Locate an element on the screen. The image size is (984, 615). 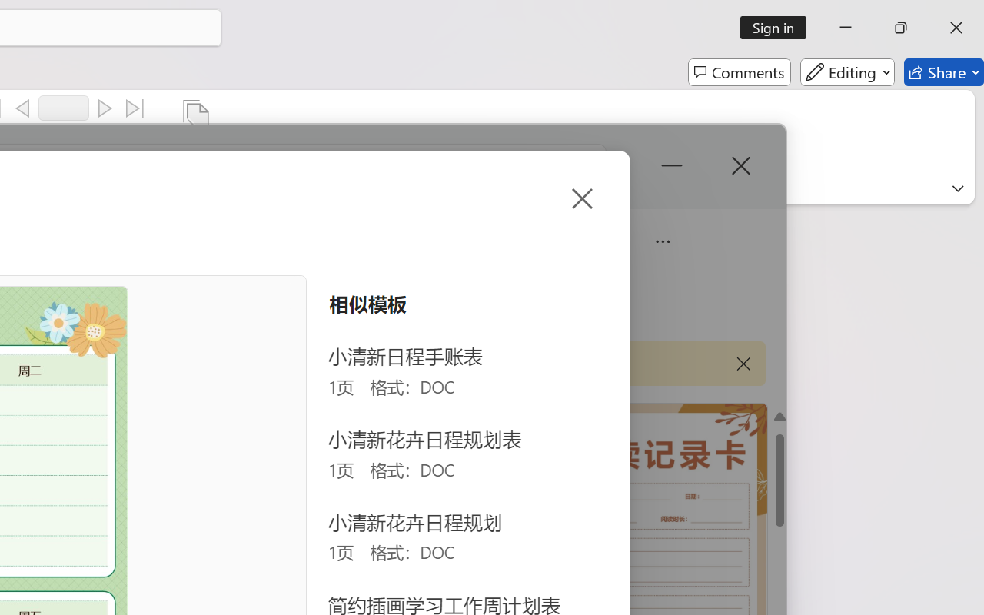
'Last' is located at coordinates (135, 108).